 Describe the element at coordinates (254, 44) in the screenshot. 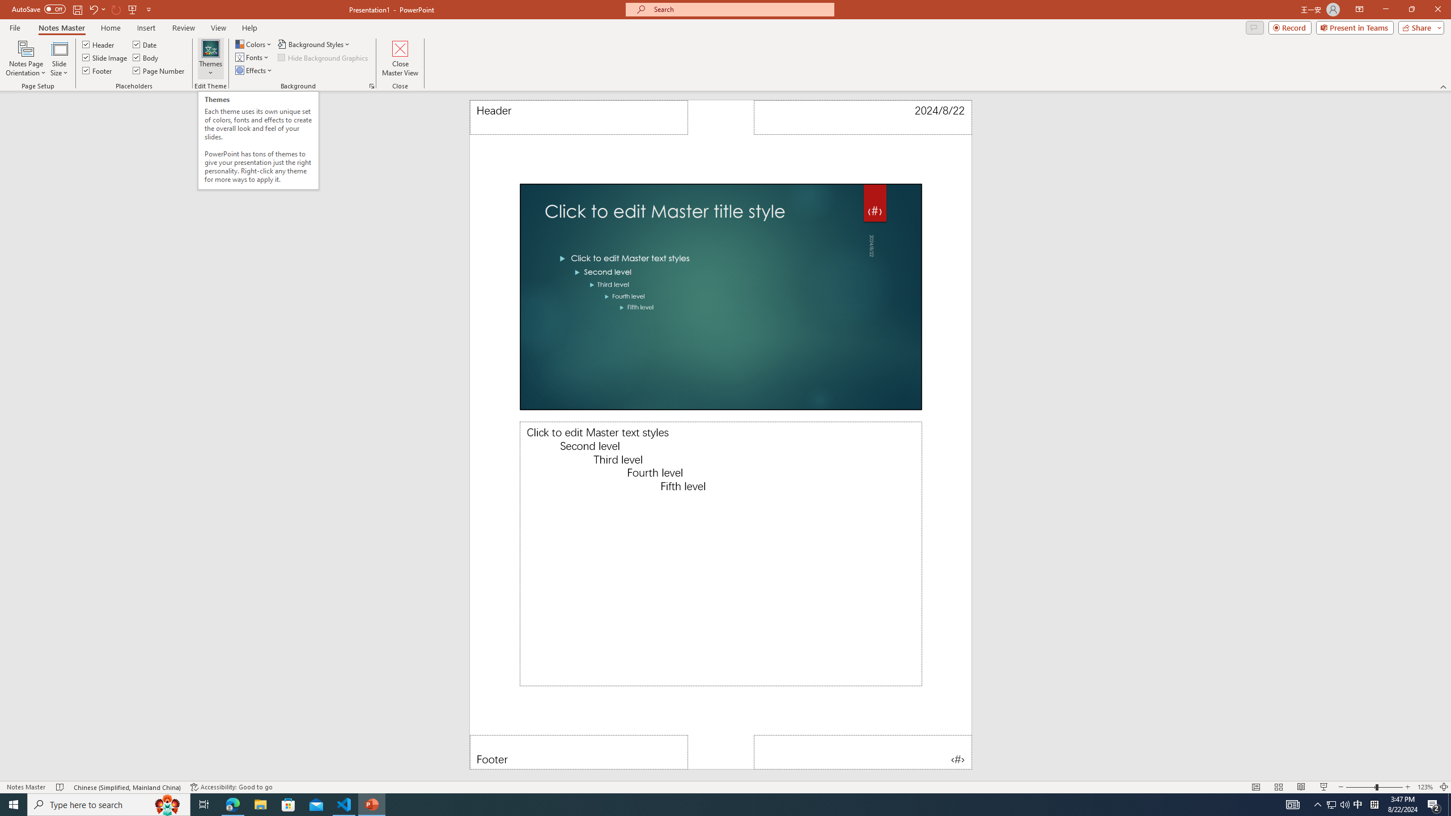

I see `'Colors'` at that location.